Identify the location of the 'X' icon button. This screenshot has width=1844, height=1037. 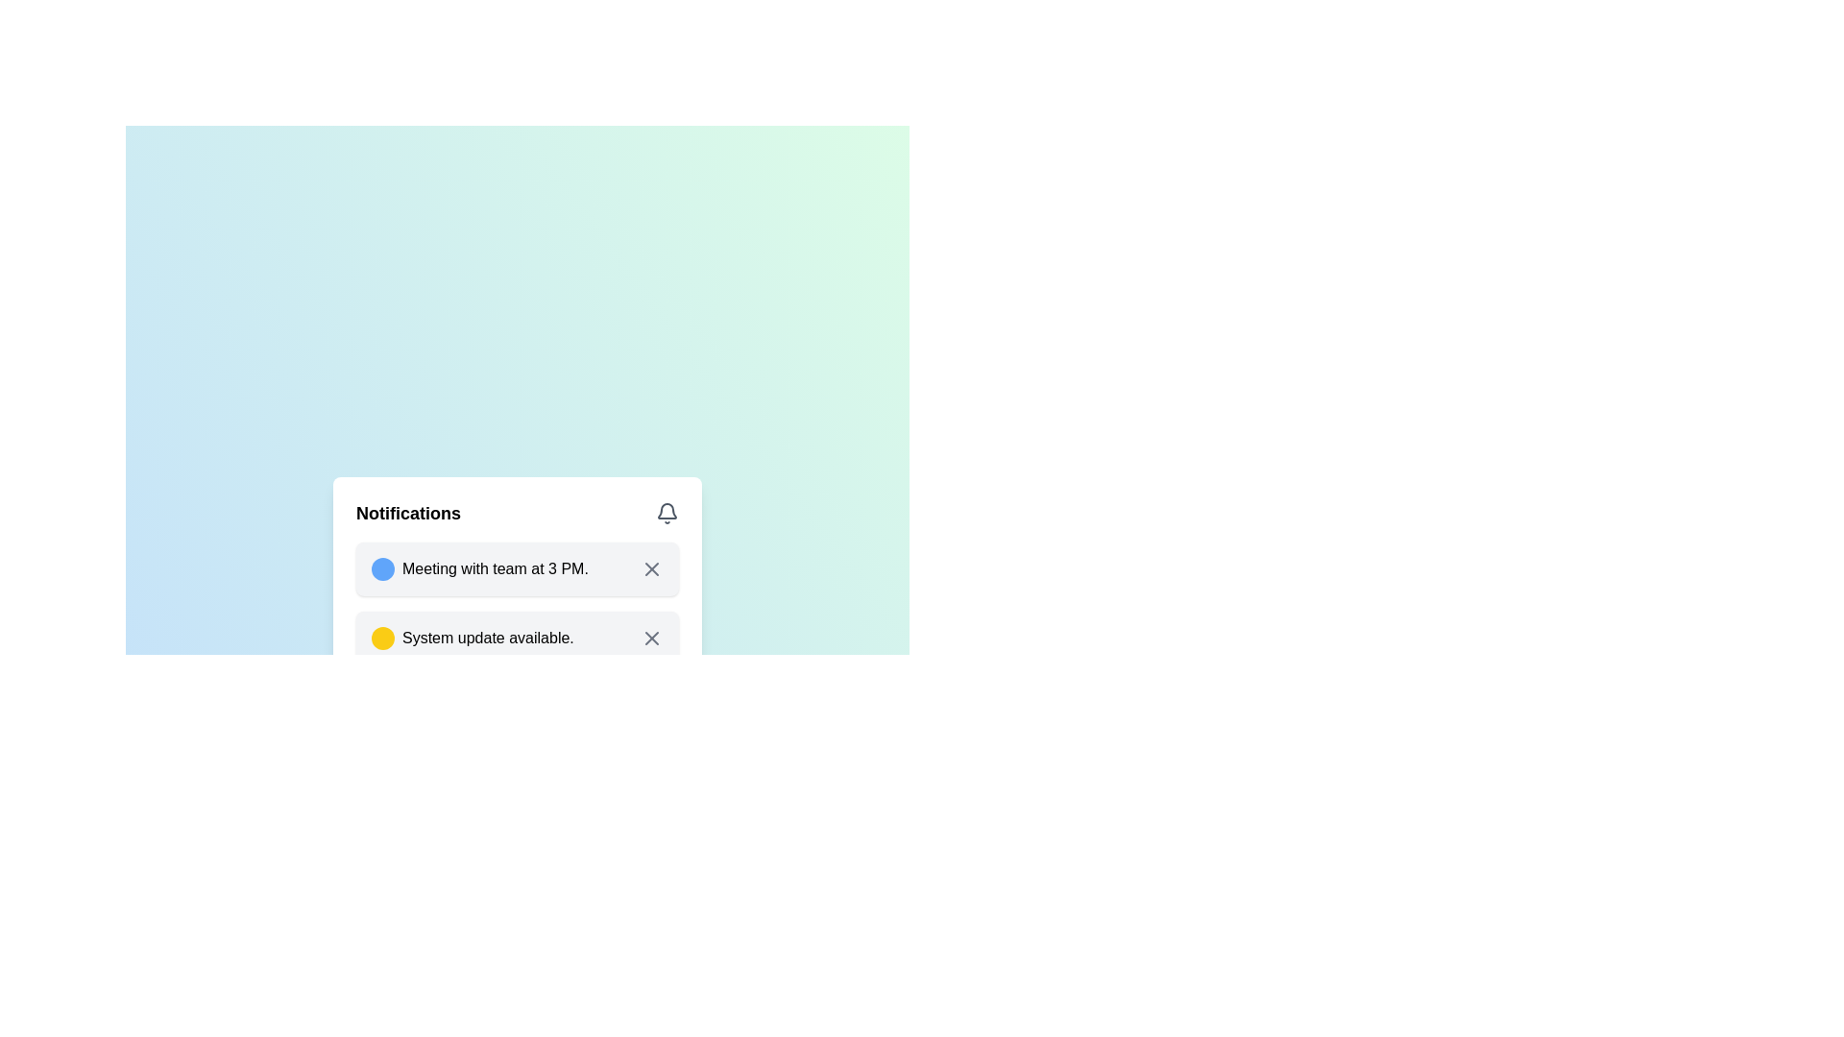
(651, 568).